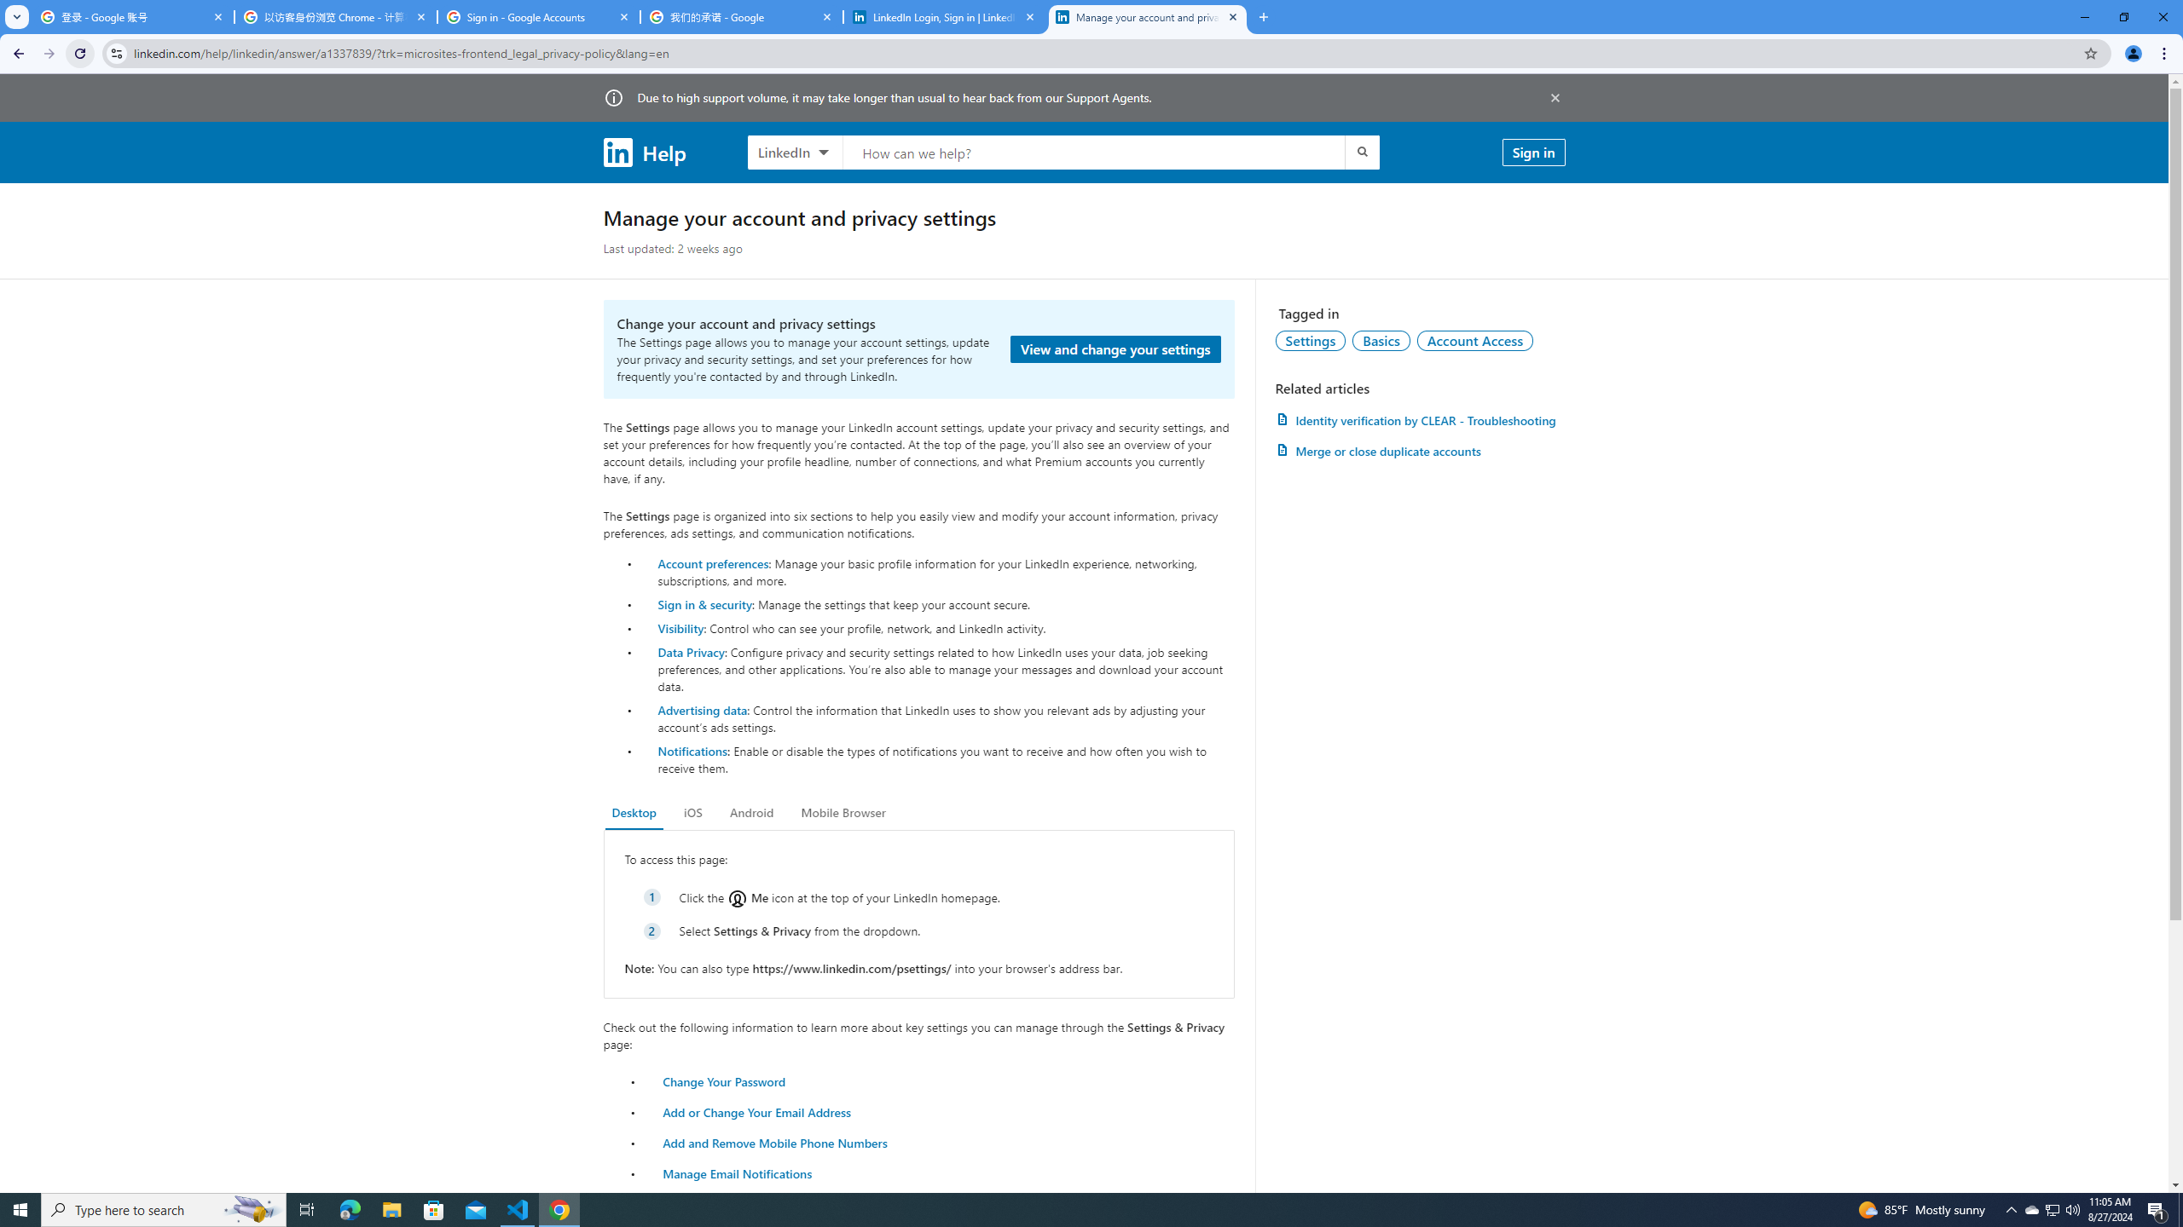 Image resolution: width=2183 pixels, height=1227 pixels. What do you see at coordinates (1419, 420) in the screenshot?
I see `'AutomationID: article-link-a1457505'` at bounding box center [1419, 420].